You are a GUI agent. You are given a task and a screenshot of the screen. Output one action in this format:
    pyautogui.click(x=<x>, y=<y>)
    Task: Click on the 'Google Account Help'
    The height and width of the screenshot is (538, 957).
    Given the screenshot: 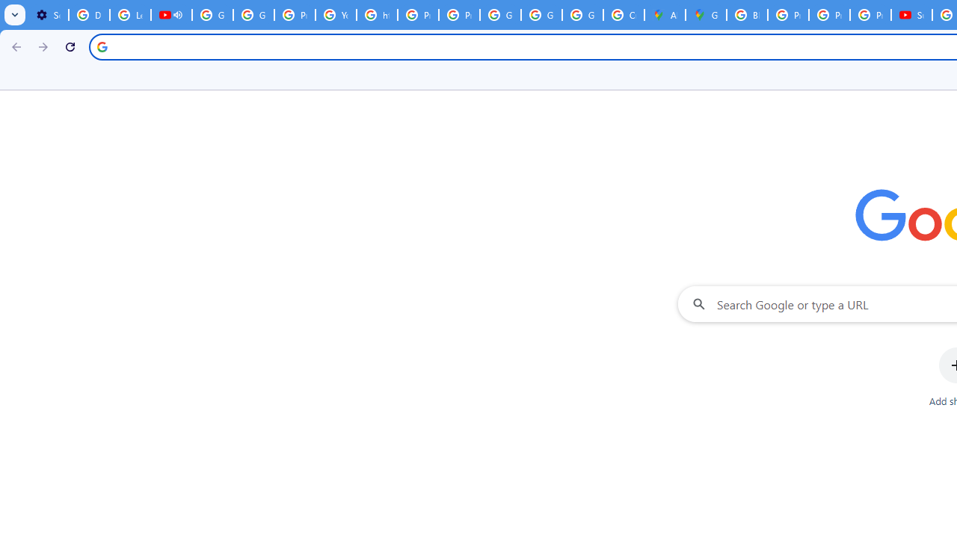 What is the action you would take?
    pyautogui.click(x=212, y=15)
    